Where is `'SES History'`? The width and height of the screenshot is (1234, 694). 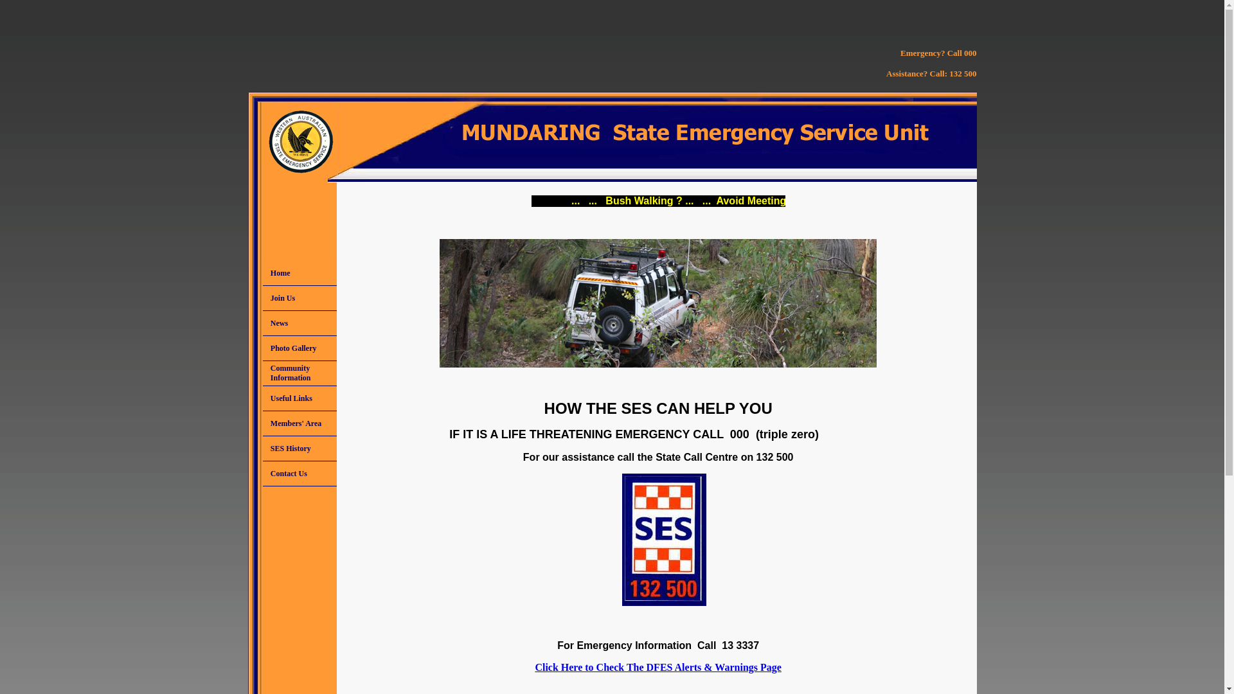
'SES History' is located at coordinates (299, 448).